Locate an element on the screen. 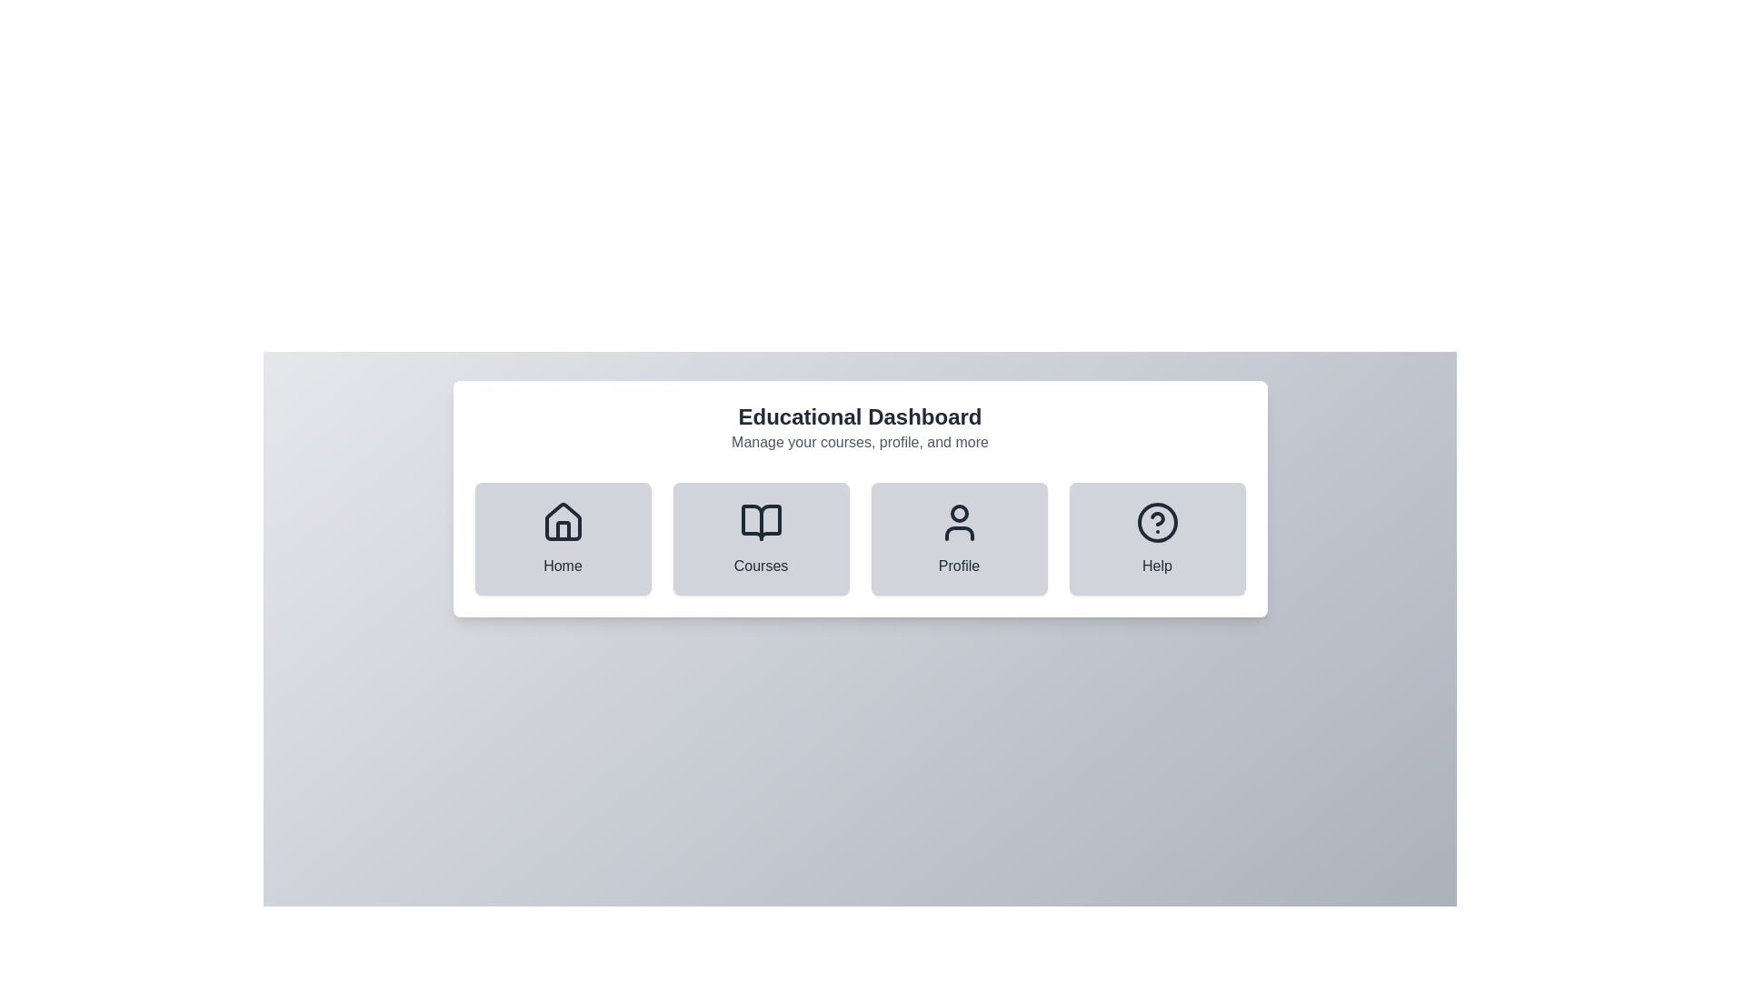 This screenshot has height=982, width=1745. the small circular shape representing the head in the profile icon located at the top center of the user interface is located at coordinates (958, 513).